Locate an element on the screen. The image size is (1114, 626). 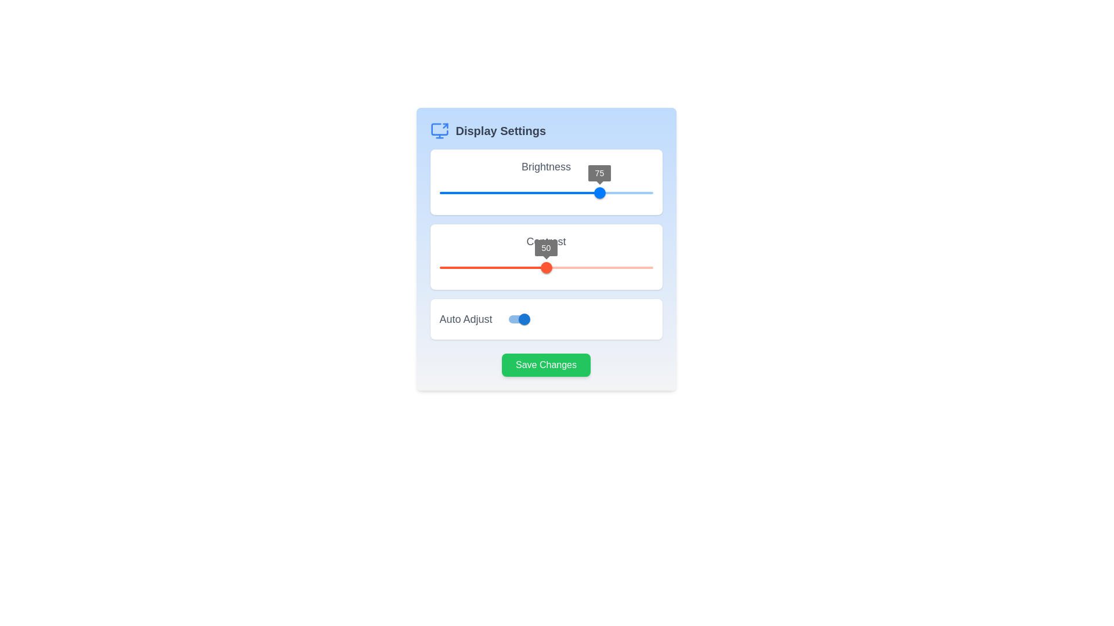
contrast slider is located at coordinates (518, 268).